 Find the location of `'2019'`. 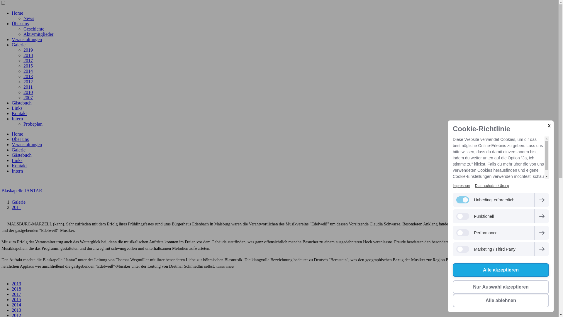

'2019' is located at coordinates (28, 50).